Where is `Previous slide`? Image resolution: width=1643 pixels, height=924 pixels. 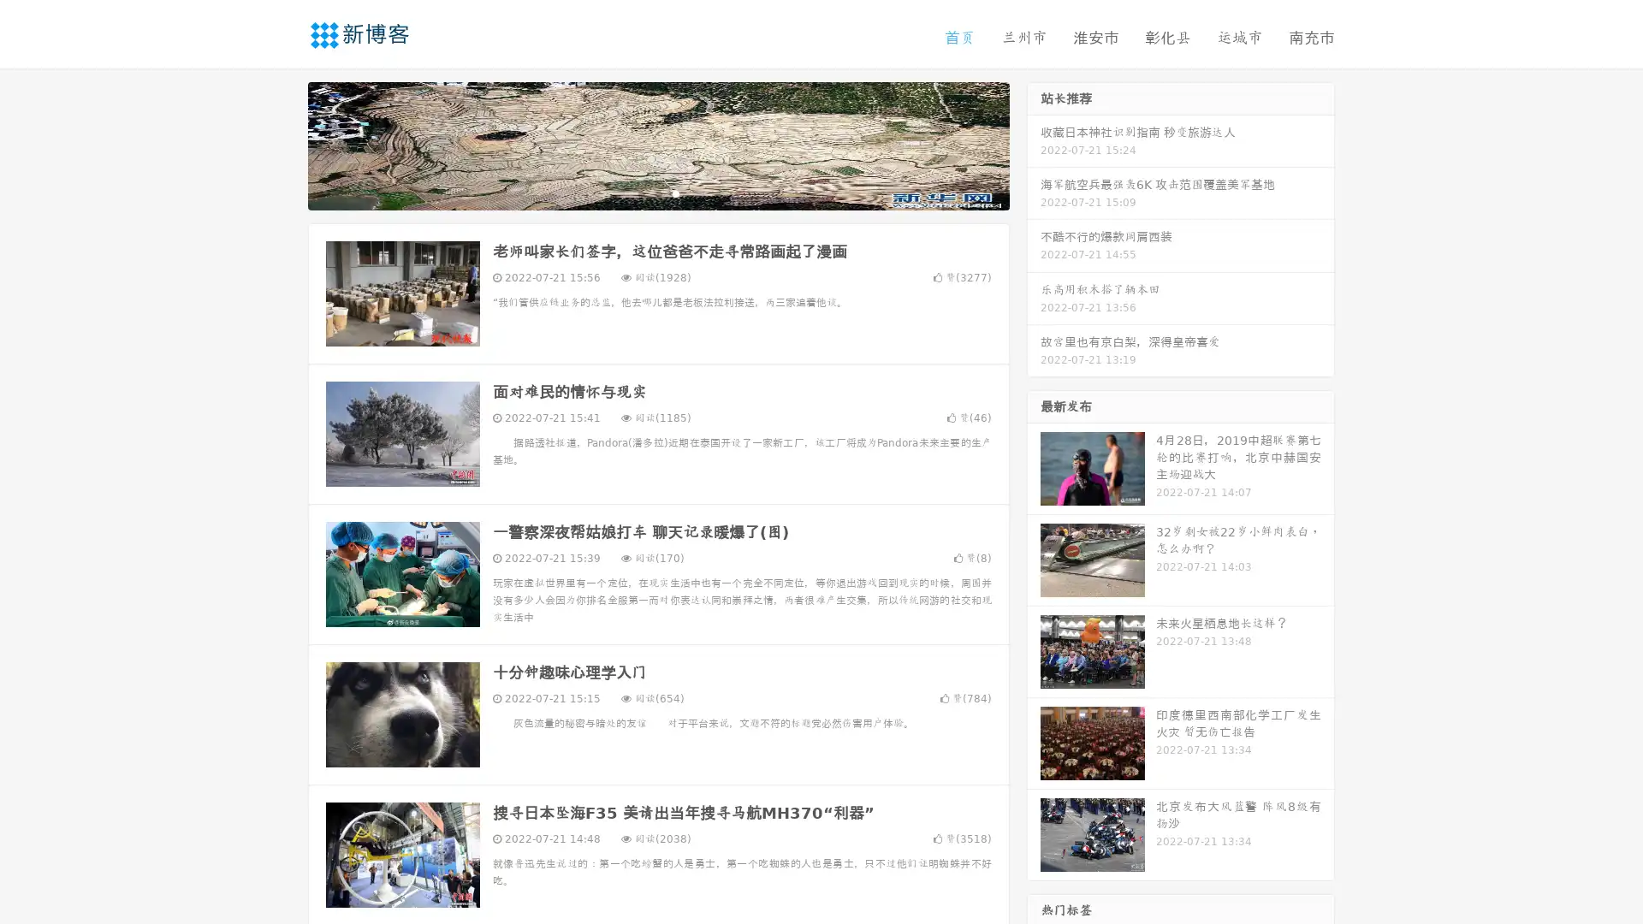 Previous slide is located at coordinates (282, 144).